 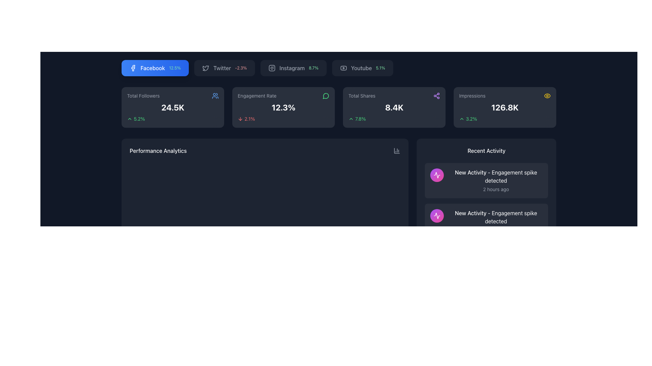 What do you see at coordinates (397, 150) in the screenshot?
I see `the Icon button located in the top-right corner of the 'Performance Analytics' section, which allows access to detailed analytics or a graph` at bounding box center [397, 150].